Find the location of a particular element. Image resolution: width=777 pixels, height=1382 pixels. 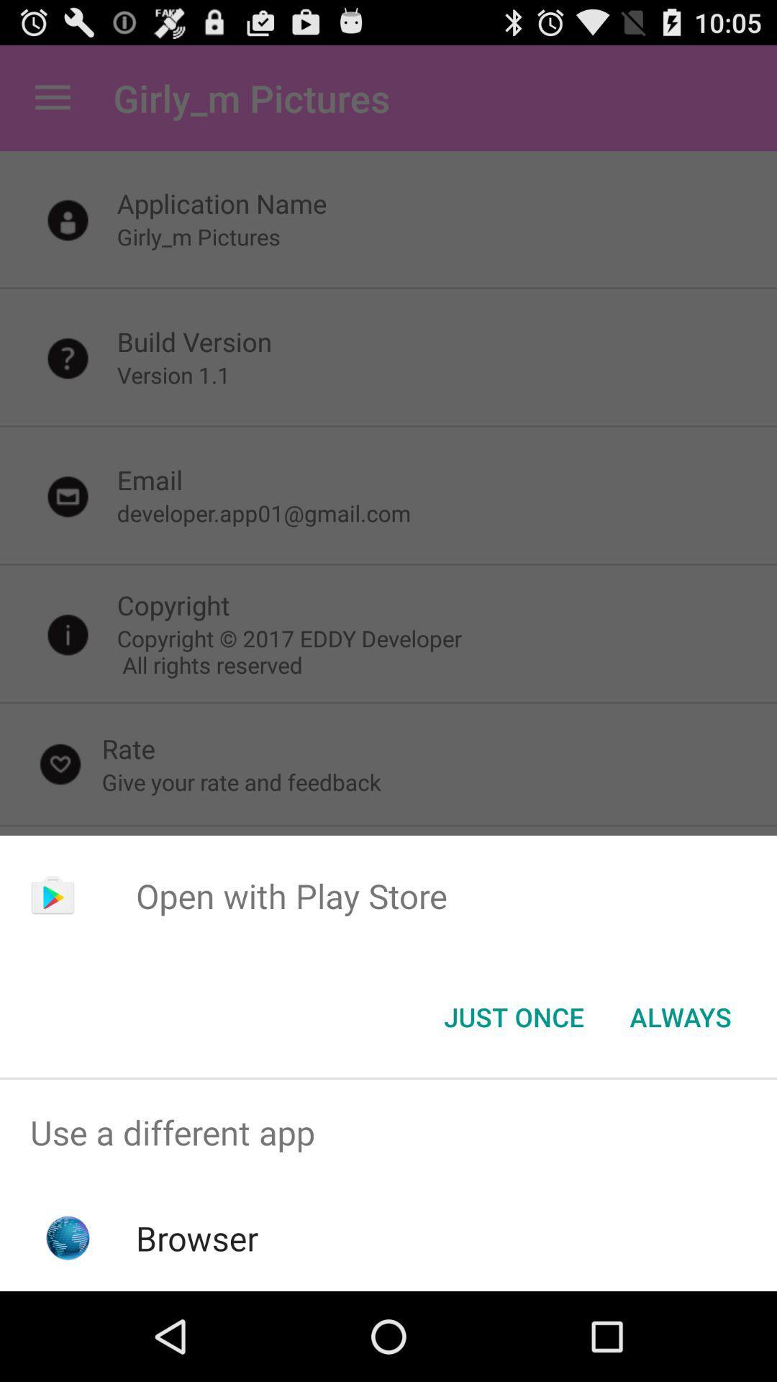

just once is located at coordinates (513, 1016).